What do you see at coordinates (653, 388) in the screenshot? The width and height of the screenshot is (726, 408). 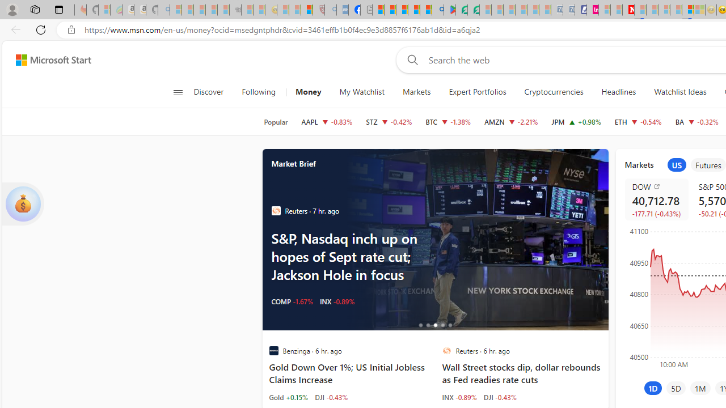 I see `'1D'` at bounding box center [653, 388].